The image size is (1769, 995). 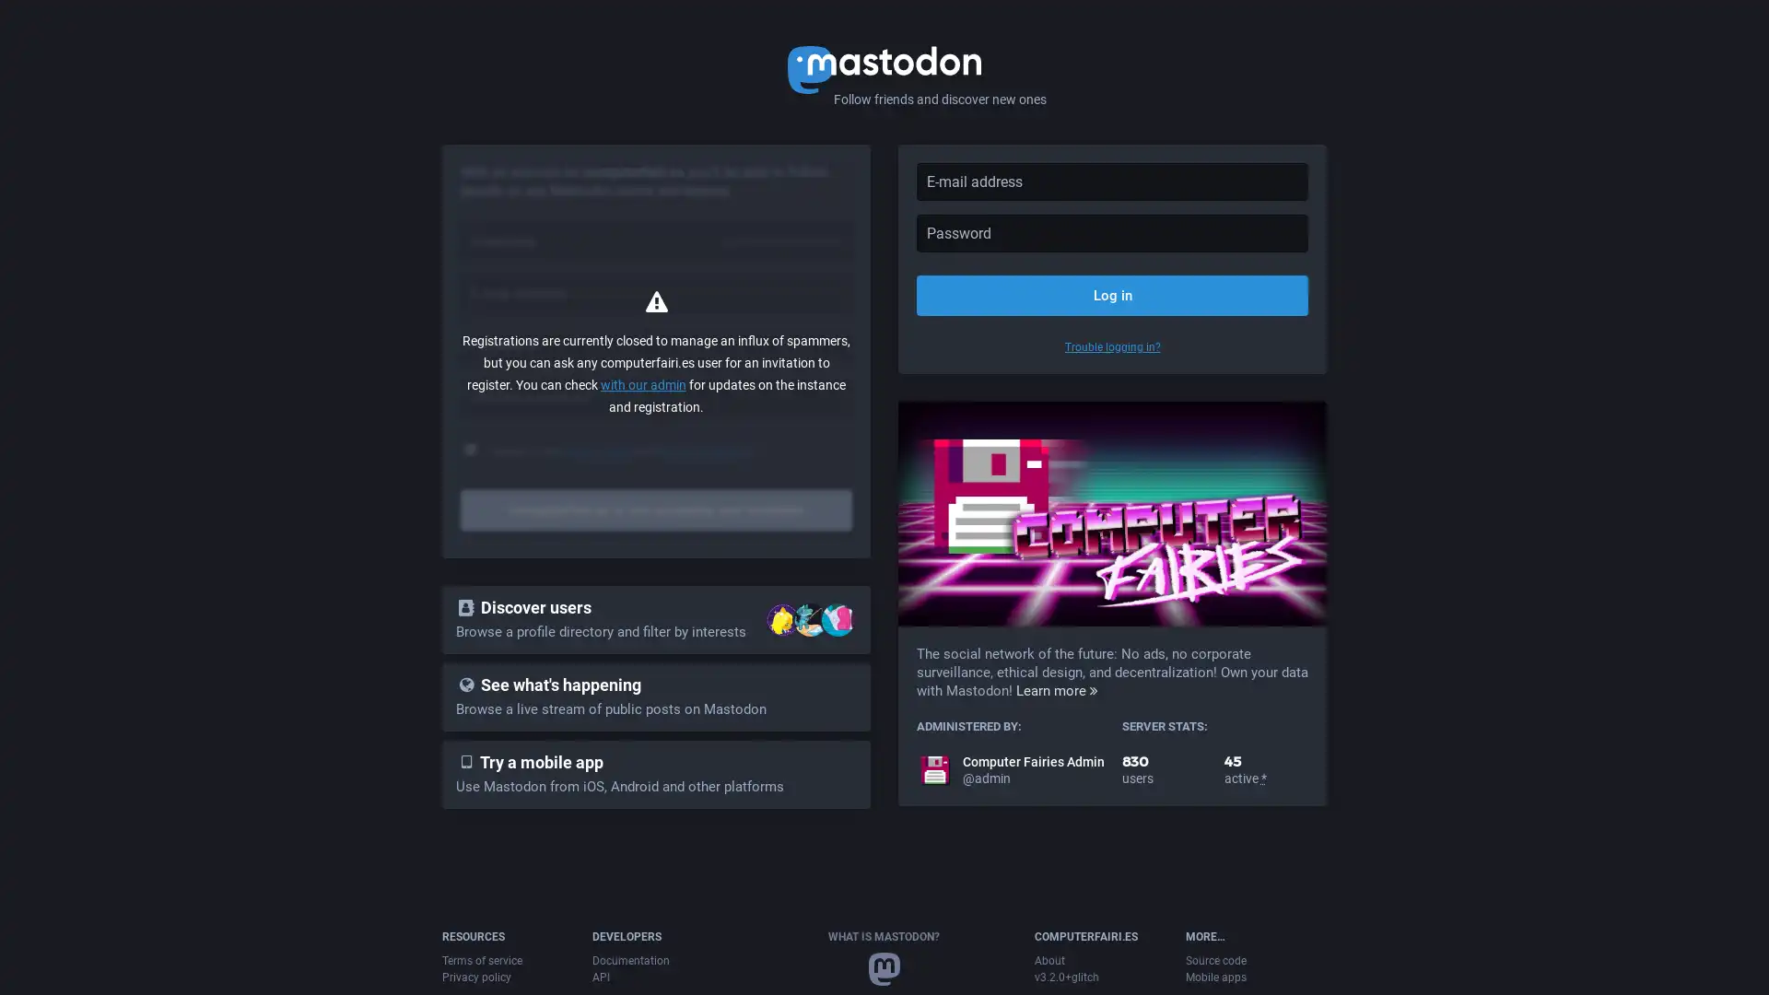 What do you see at coordinates (656, 510) in the screenshot?
I see `computerfairi.es is not accepting new members` at bounding box center [656, 510].